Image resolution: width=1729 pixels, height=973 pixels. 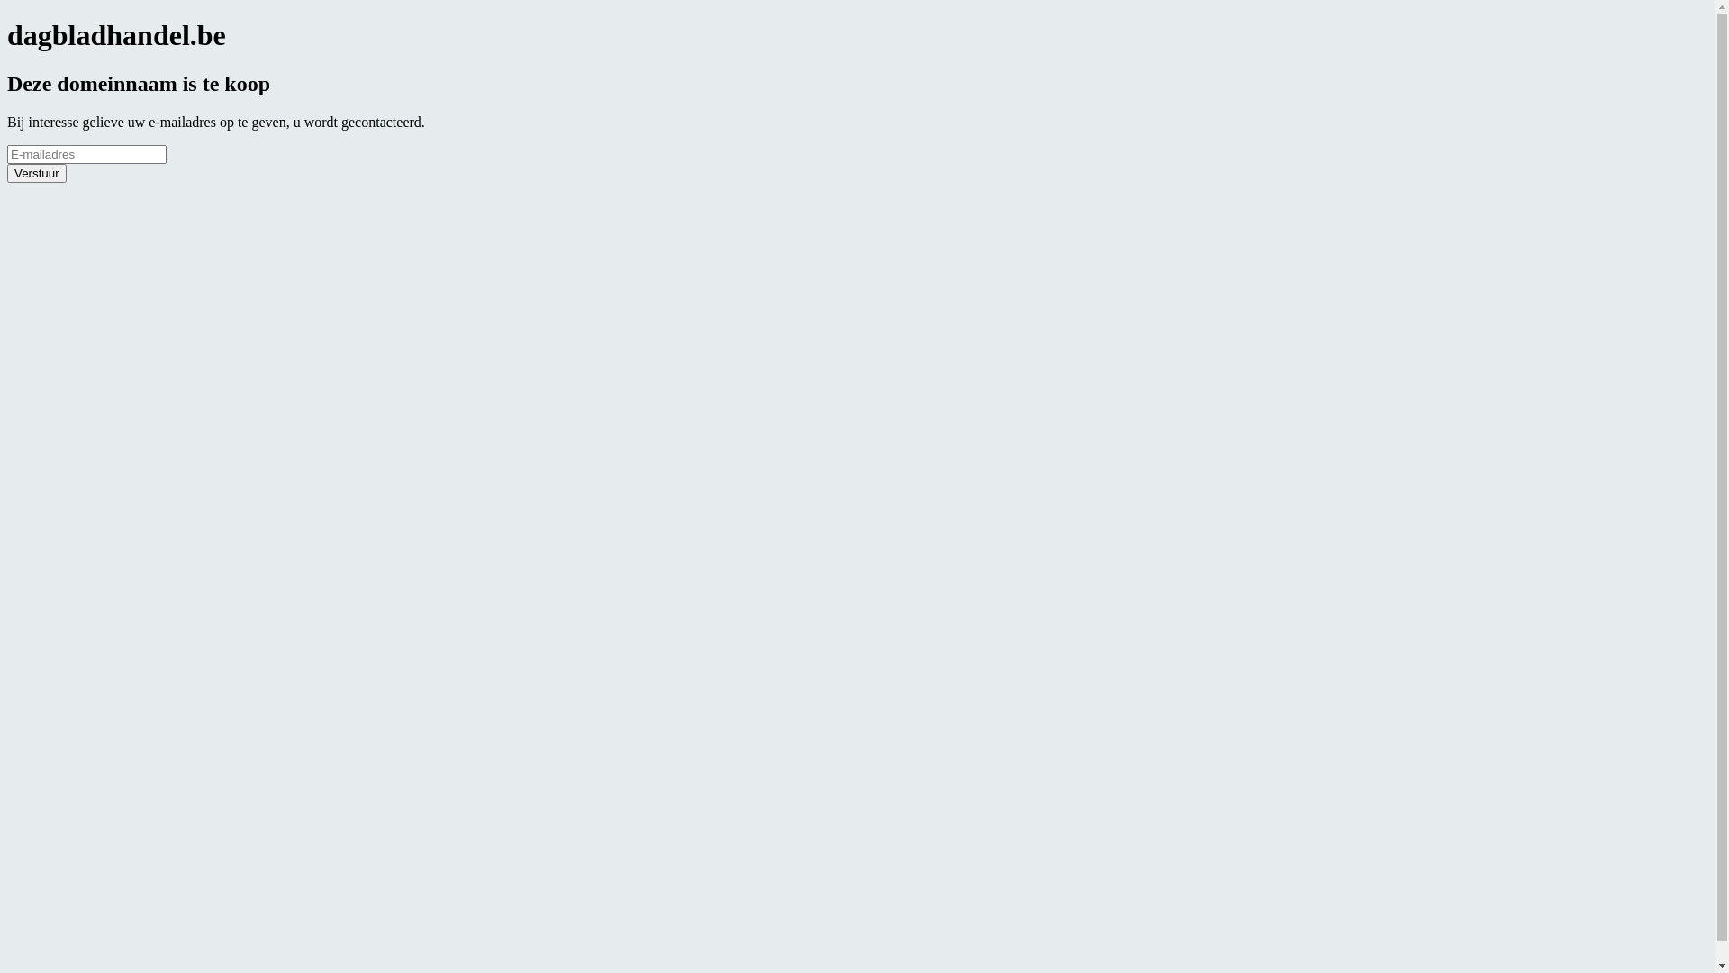 What do you see at coordinates (37, 173) in the screenshot?
I see `'Verstuur'` at bounding box center [37, 173].